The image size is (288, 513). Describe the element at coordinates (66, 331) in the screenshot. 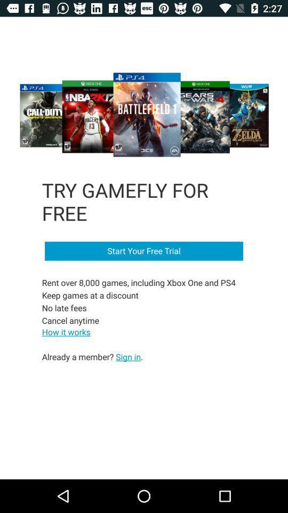

I see `the icon above already a member` at that location.